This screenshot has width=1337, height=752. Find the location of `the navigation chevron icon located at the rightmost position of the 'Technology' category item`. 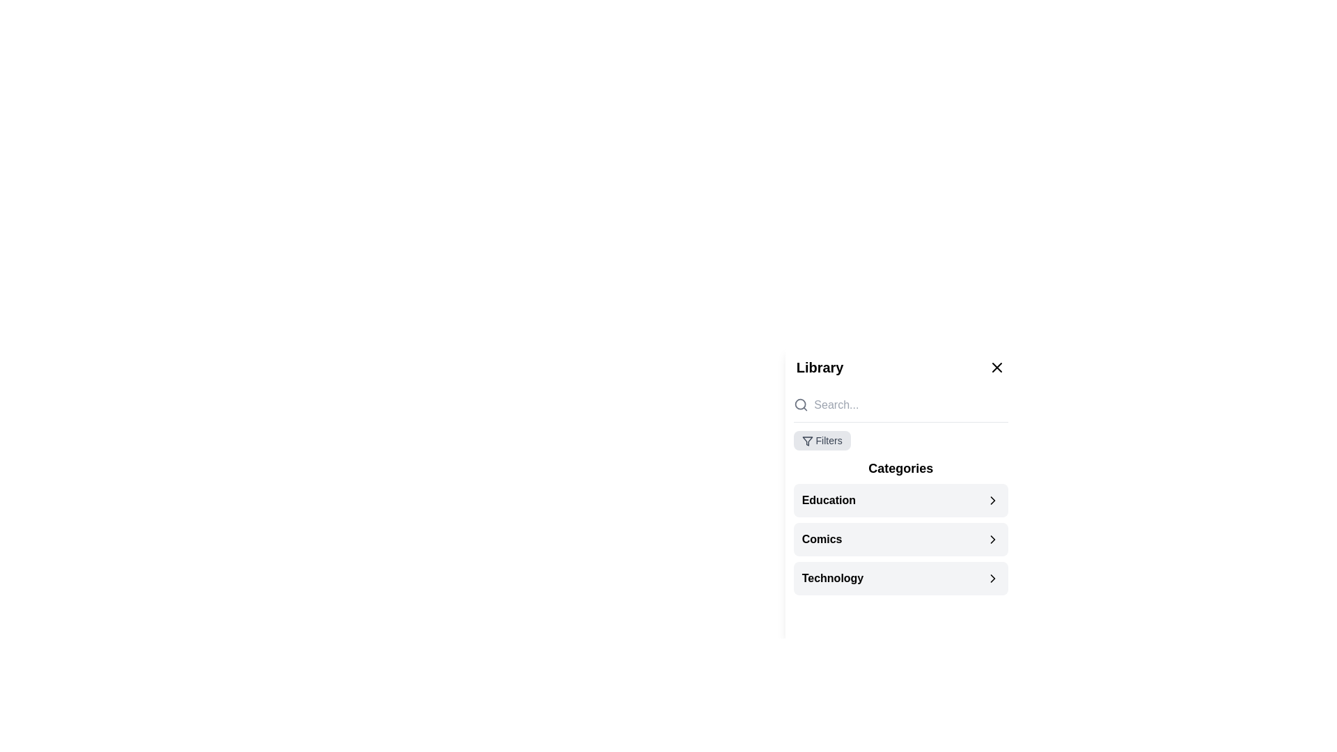

the navigation chevron icon located at the rightmost position of the 'Technology' category item is located at coordinates (992, 578).